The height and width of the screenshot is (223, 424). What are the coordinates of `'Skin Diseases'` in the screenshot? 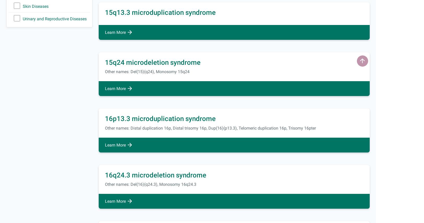 It's located at (36, 6).